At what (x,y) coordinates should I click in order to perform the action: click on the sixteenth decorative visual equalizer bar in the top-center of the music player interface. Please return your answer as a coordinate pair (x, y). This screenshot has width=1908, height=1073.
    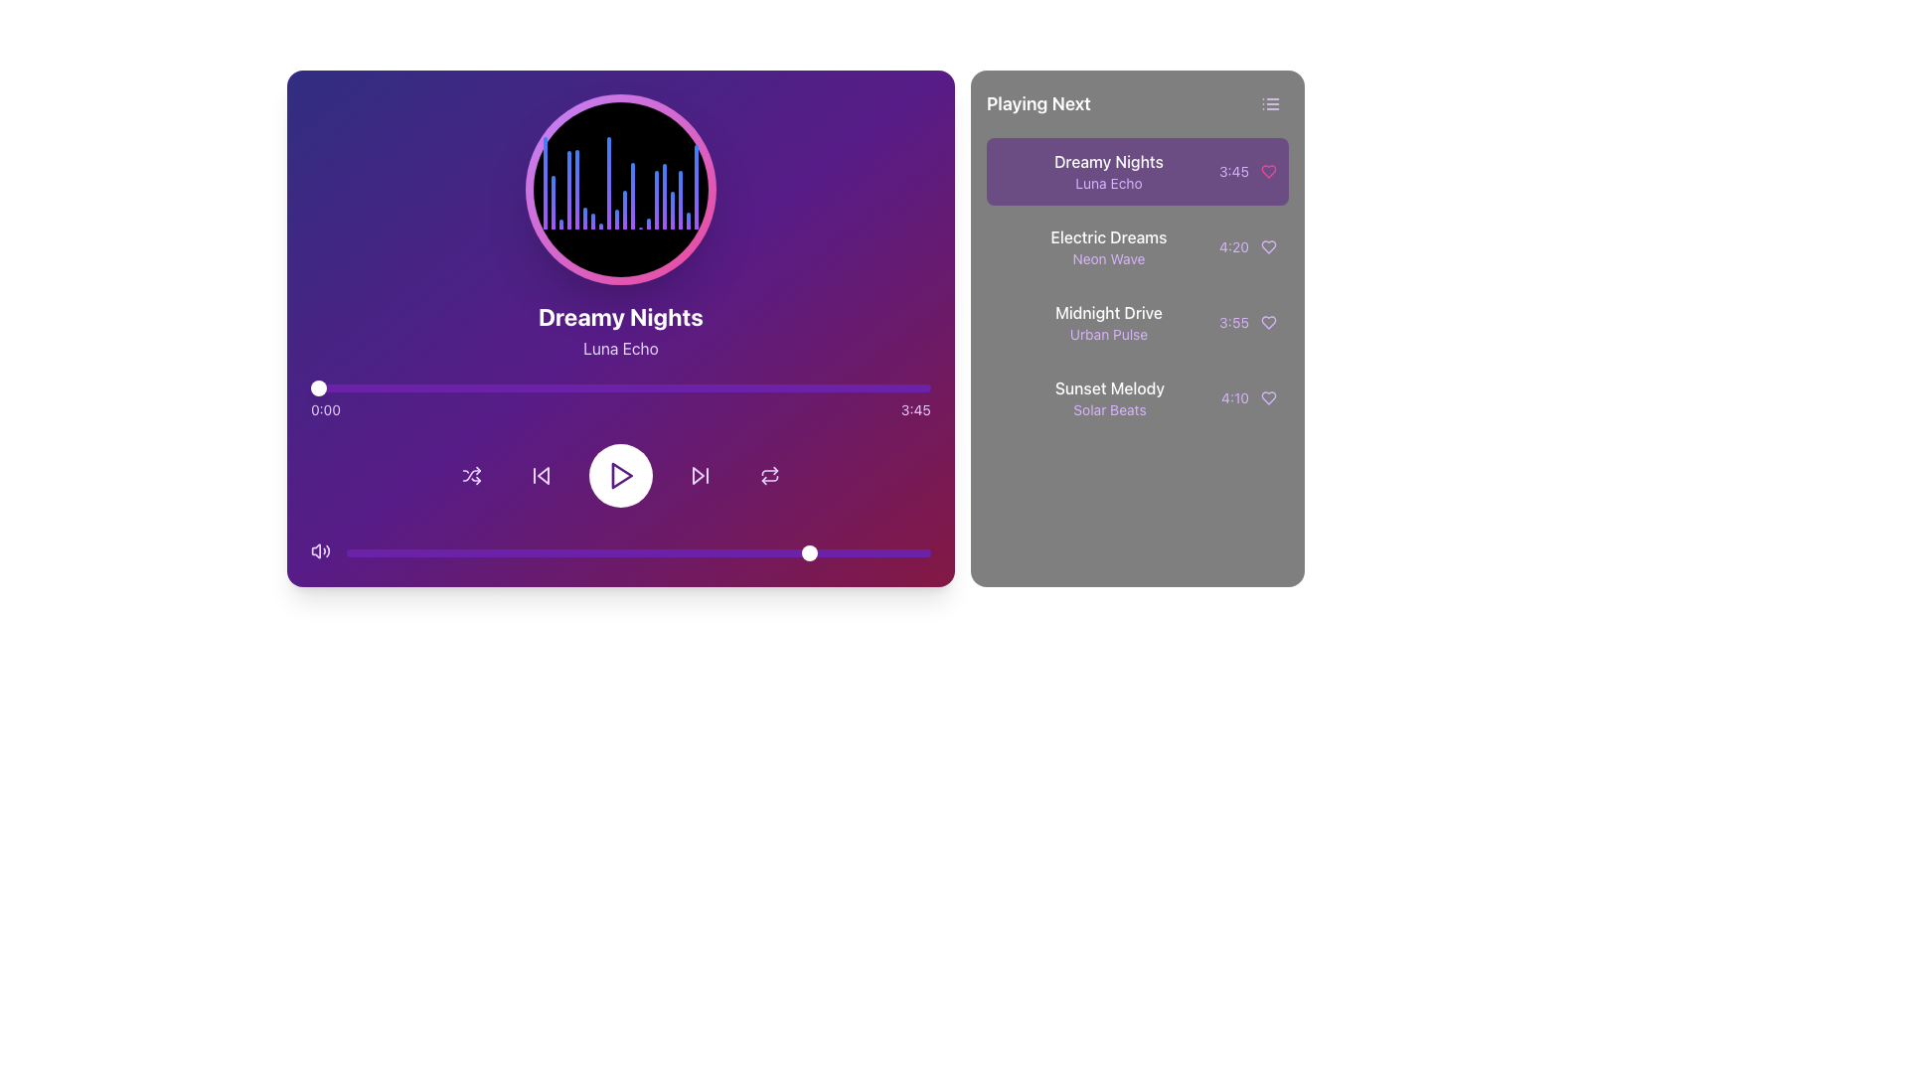
    Looking at the image, I should click on (656, 200).